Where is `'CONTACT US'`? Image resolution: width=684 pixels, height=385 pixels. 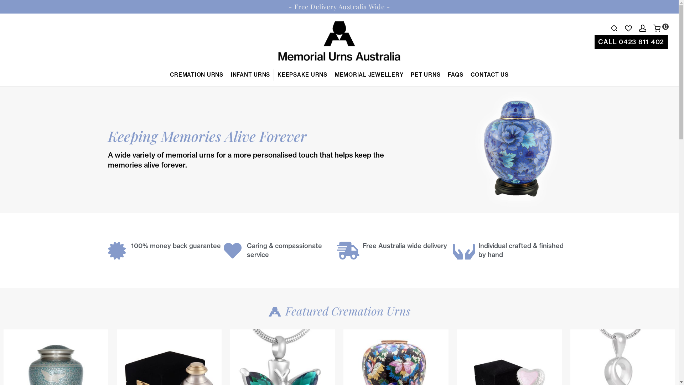 'CONTACT US' is located at coordinates (489, 75).